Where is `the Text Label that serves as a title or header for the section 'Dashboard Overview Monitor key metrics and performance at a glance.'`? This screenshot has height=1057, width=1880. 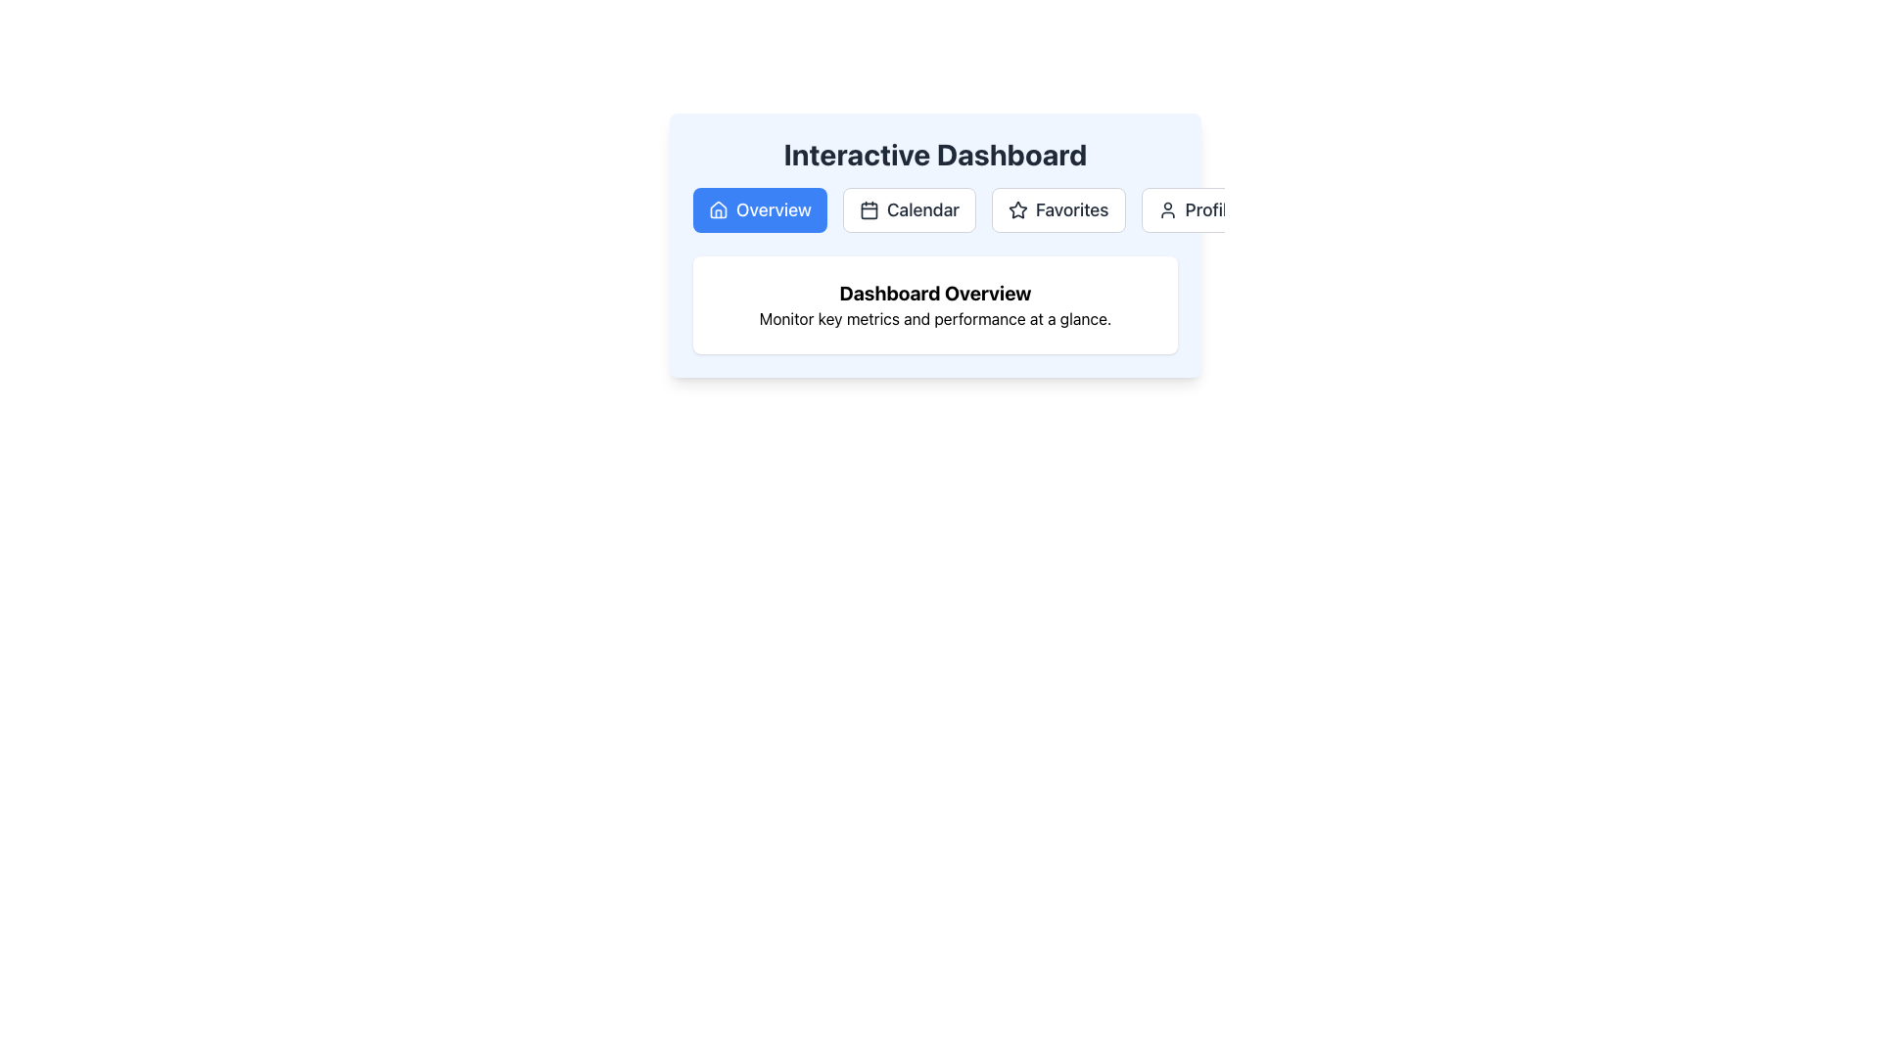 the Text Label that serves as a title or header for the section 'Dashboard Overview Monitor key metrics and performance at a glance.' is located at coordinates (934, 294).